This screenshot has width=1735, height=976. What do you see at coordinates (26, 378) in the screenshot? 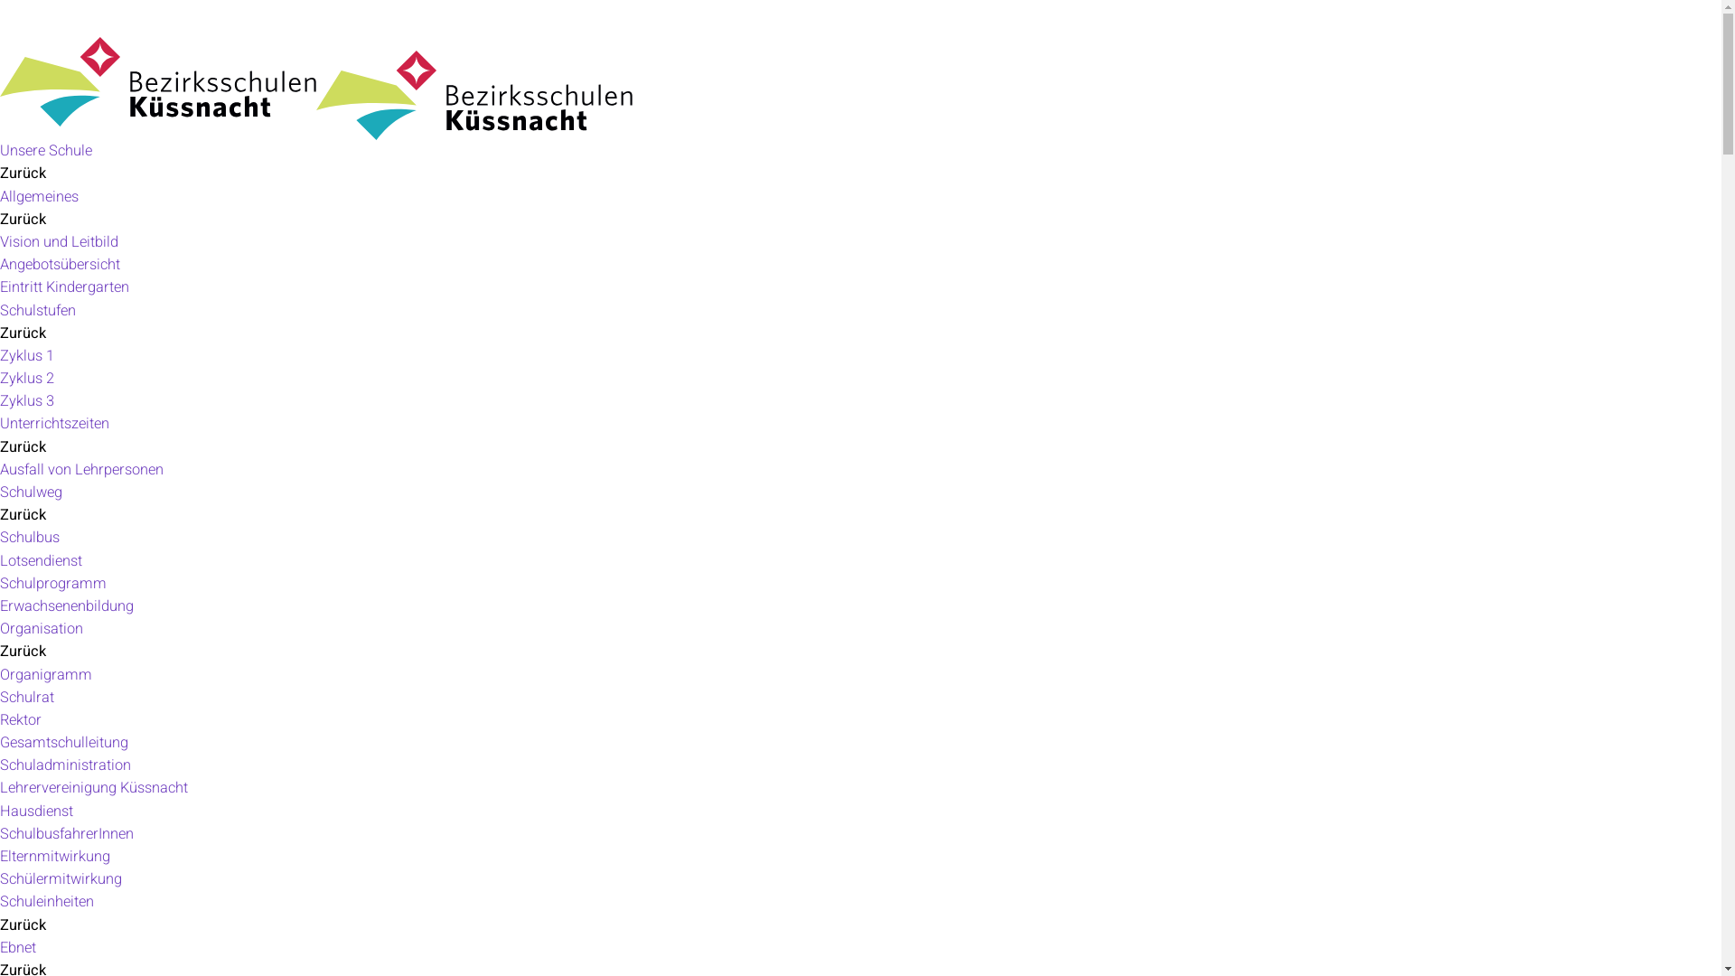
I see `'Zyklus 2'` at bounding box center [26, 378].